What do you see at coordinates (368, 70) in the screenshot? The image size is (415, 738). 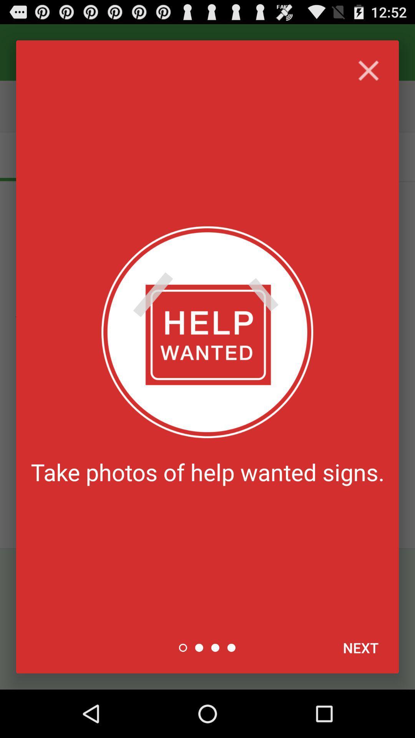 I see `page` at bounding box center [368, 70].